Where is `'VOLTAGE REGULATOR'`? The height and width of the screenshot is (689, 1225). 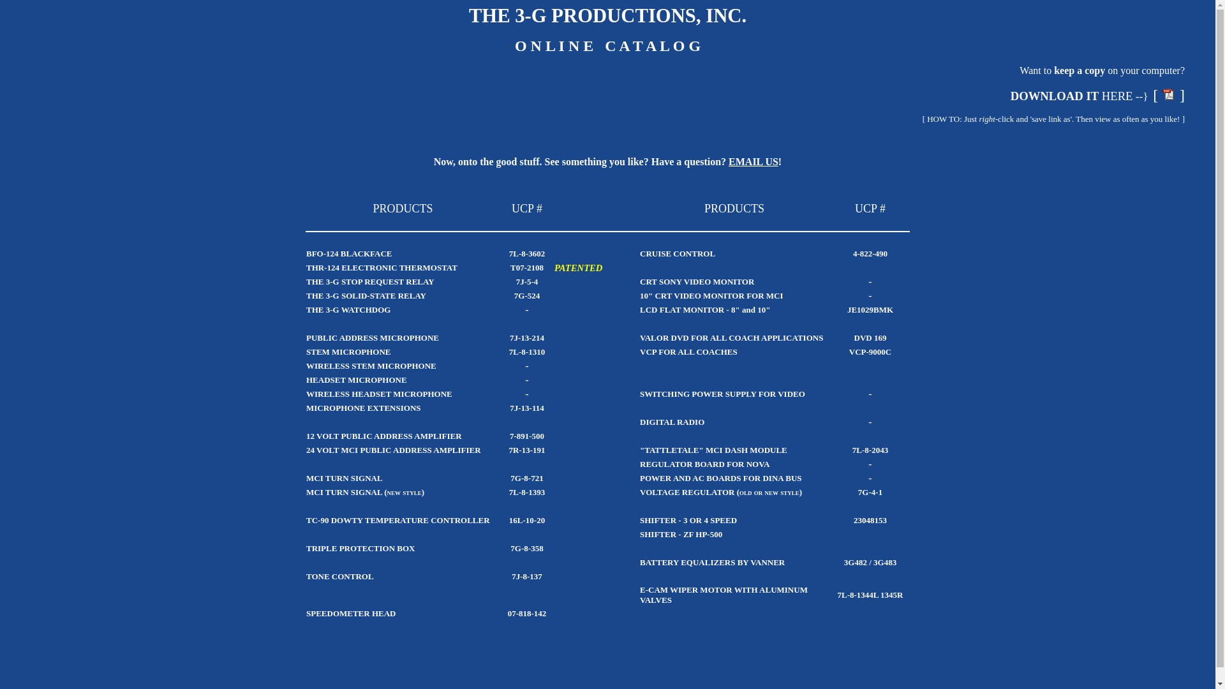 'VOLTAGE REGULATOR' is located at coordinates (640, 491).